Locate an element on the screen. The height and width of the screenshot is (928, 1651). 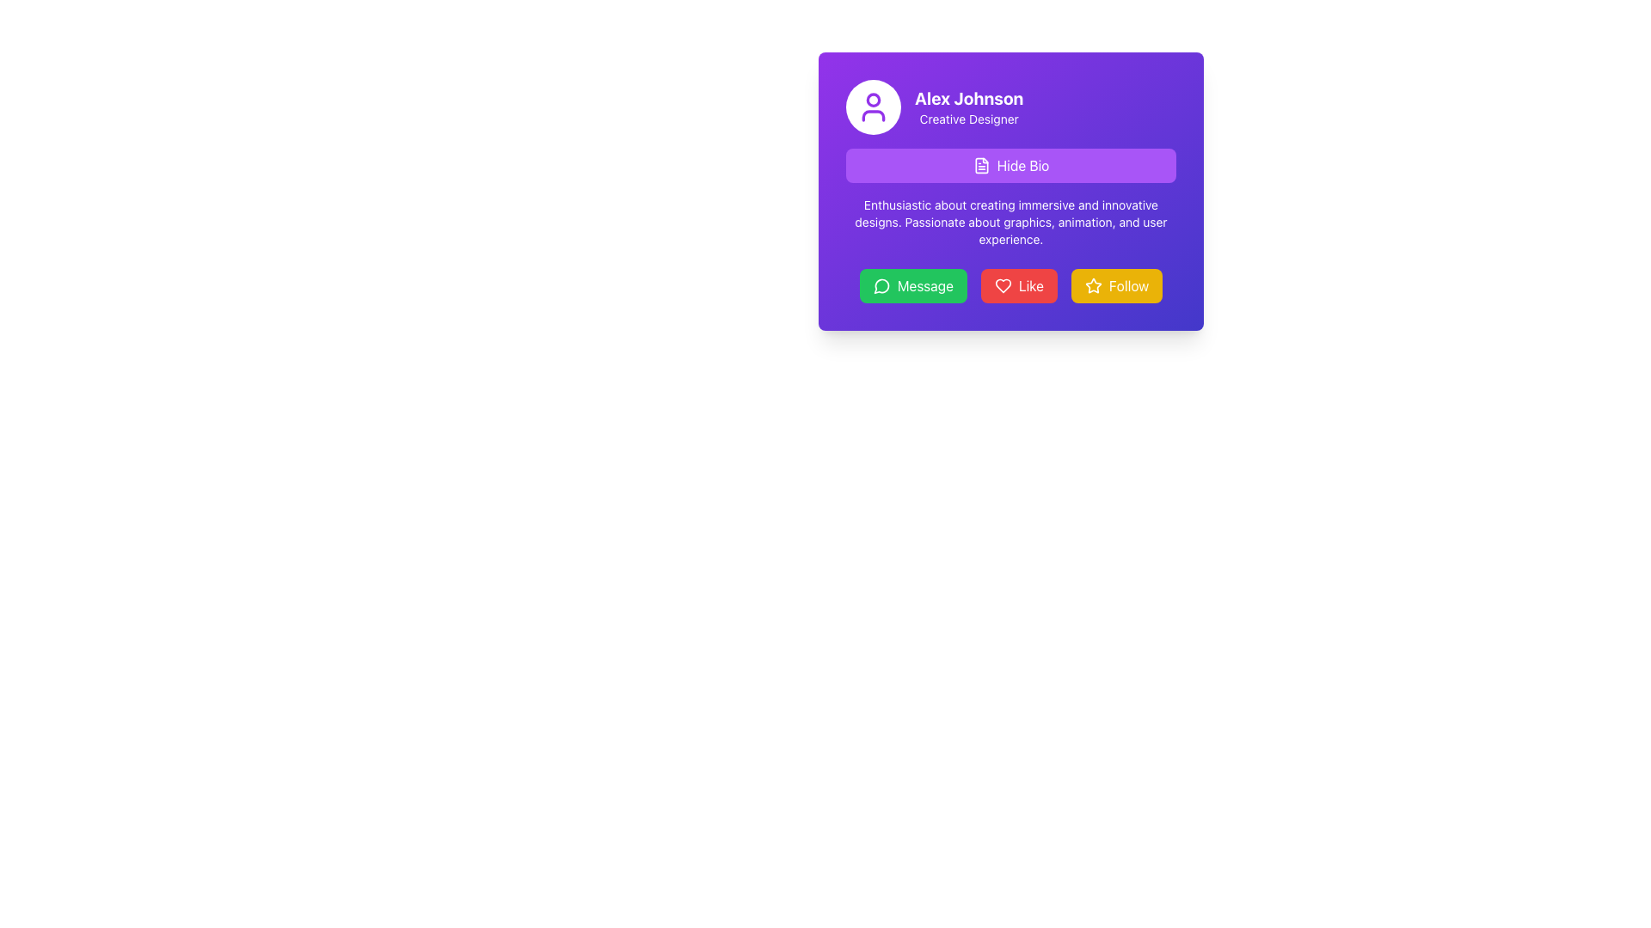
the decorative star icon within the 'Follow' button, which is located in the third slot of three action buttons at the bottom of the profile card is located at coordinates (1092, 284).